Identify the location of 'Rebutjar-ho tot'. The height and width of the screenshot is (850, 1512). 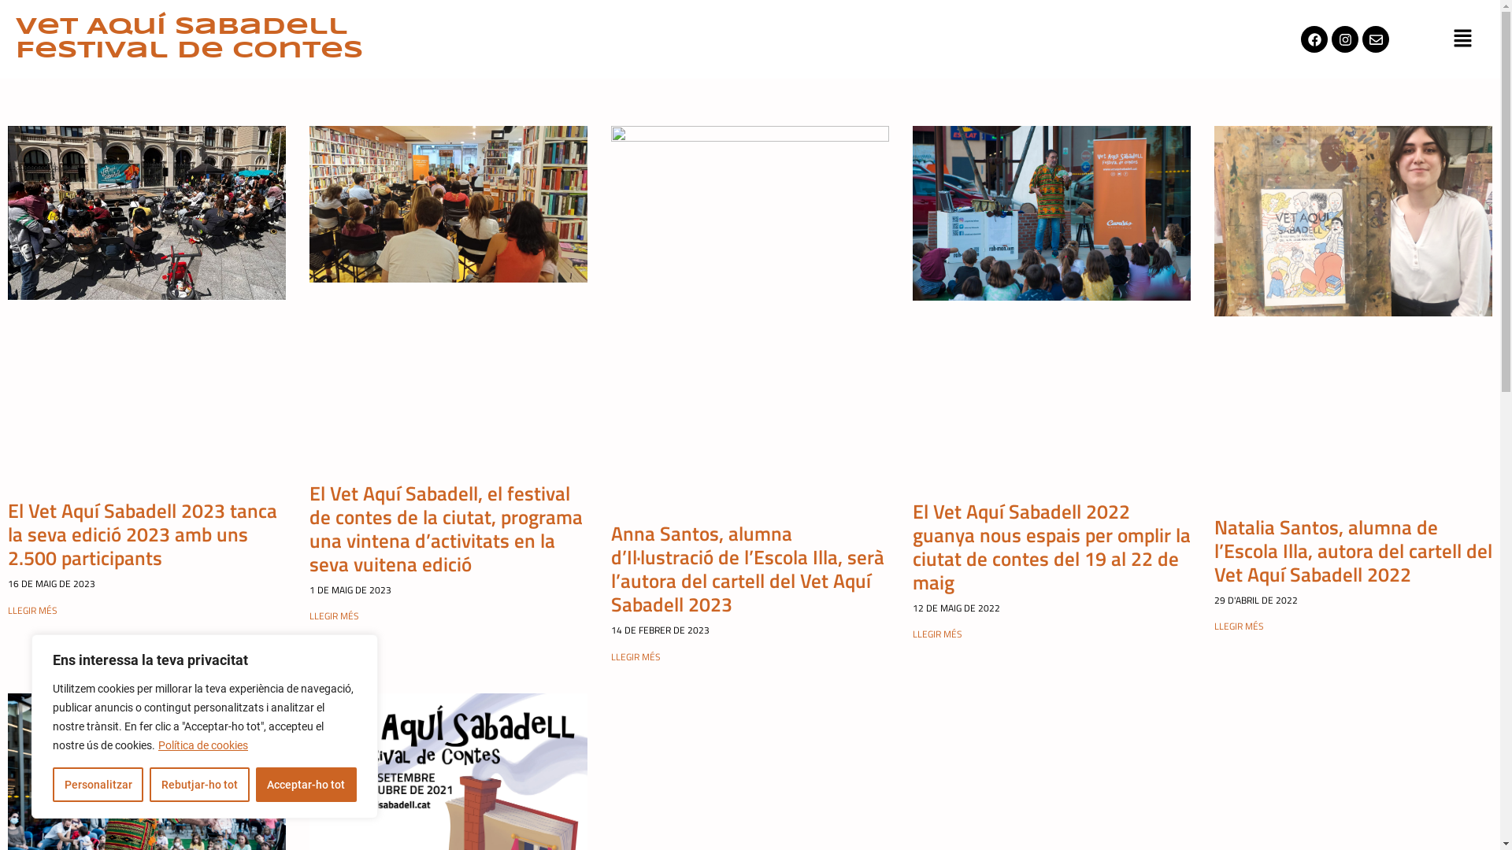
(150, 784).